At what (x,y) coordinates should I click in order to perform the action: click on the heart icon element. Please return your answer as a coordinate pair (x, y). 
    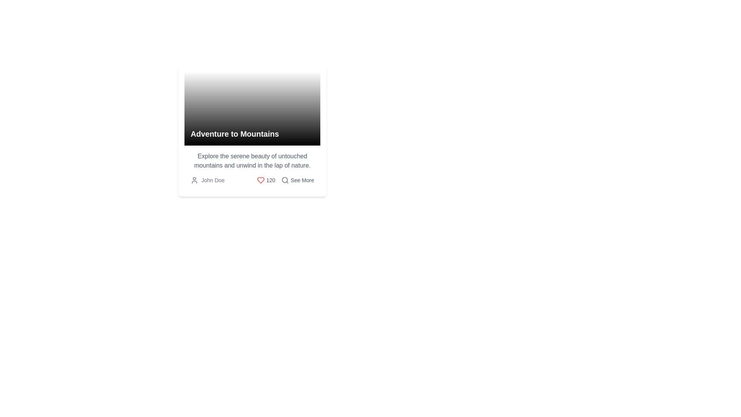
    Looking at the image, I should click on (261, 180).